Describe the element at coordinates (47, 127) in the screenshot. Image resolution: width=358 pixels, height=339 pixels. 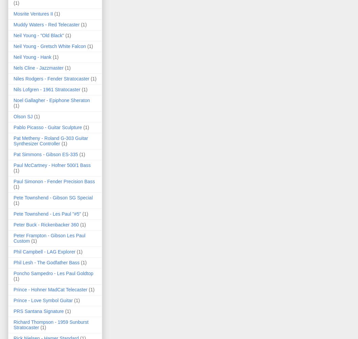
I see `'Pablo Picasso - Guitar Sculpture'` at that location.